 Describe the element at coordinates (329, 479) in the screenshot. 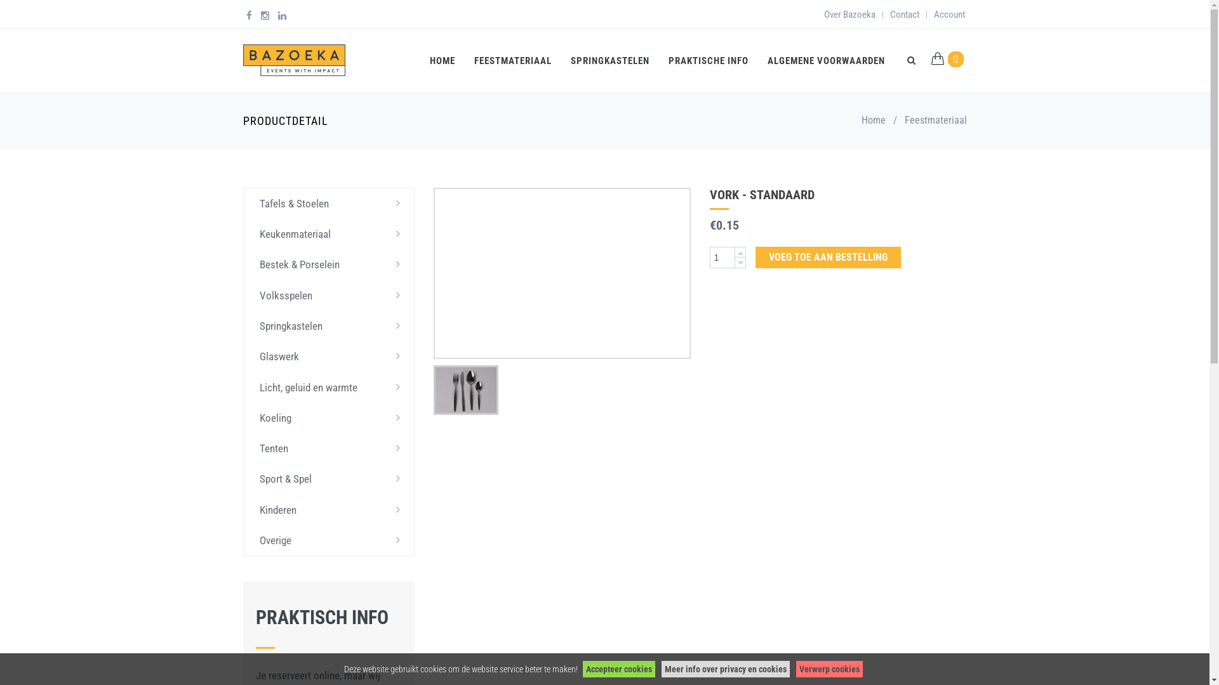

I see `'Sport & Spel'` at that location.